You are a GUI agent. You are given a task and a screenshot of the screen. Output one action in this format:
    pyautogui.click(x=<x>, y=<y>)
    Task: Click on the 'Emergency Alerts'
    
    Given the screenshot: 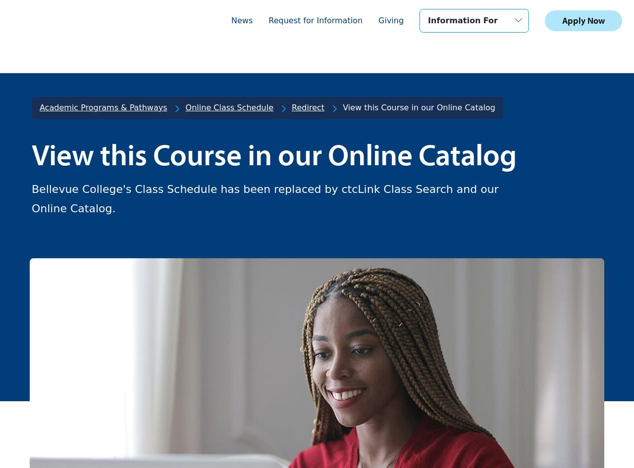 What is the action you would take?
    pyautogui.click(x=526, y=330)
    